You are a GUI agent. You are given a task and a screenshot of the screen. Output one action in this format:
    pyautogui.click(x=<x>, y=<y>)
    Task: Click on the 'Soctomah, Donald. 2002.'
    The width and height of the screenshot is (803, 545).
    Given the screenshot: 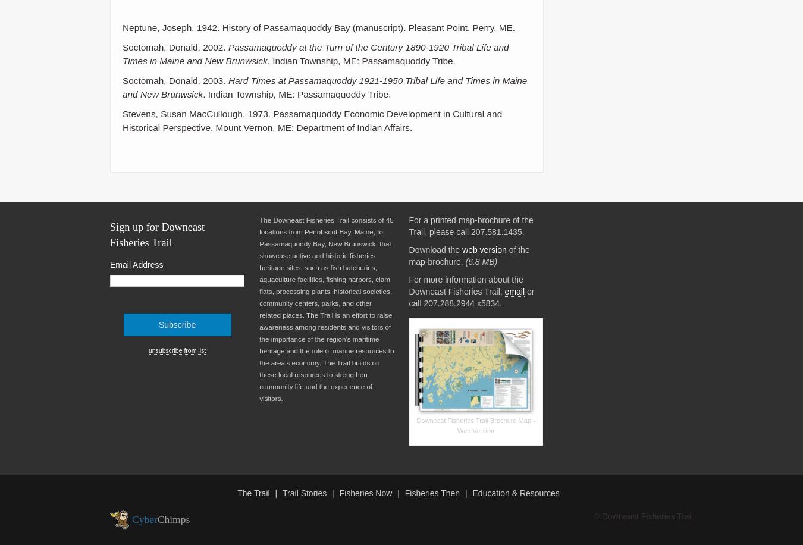 What is the action you would take?
    pyautogui.click(x=123, y=46)
    